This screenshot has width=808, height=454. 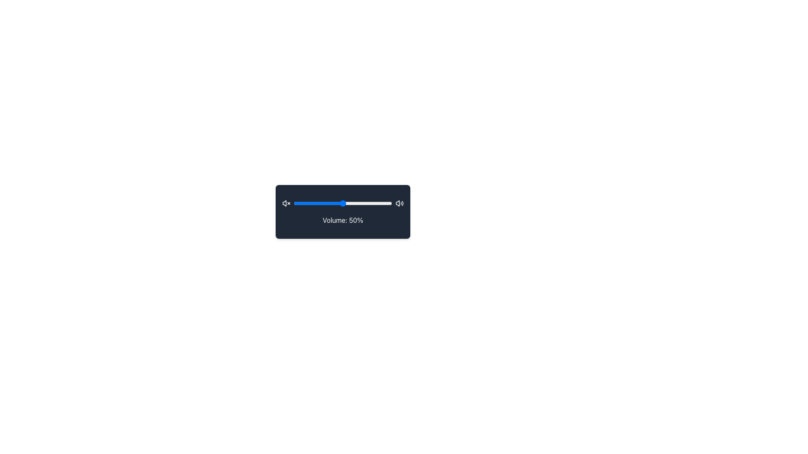 I want to click on the volume, so click(x=338, y=203).